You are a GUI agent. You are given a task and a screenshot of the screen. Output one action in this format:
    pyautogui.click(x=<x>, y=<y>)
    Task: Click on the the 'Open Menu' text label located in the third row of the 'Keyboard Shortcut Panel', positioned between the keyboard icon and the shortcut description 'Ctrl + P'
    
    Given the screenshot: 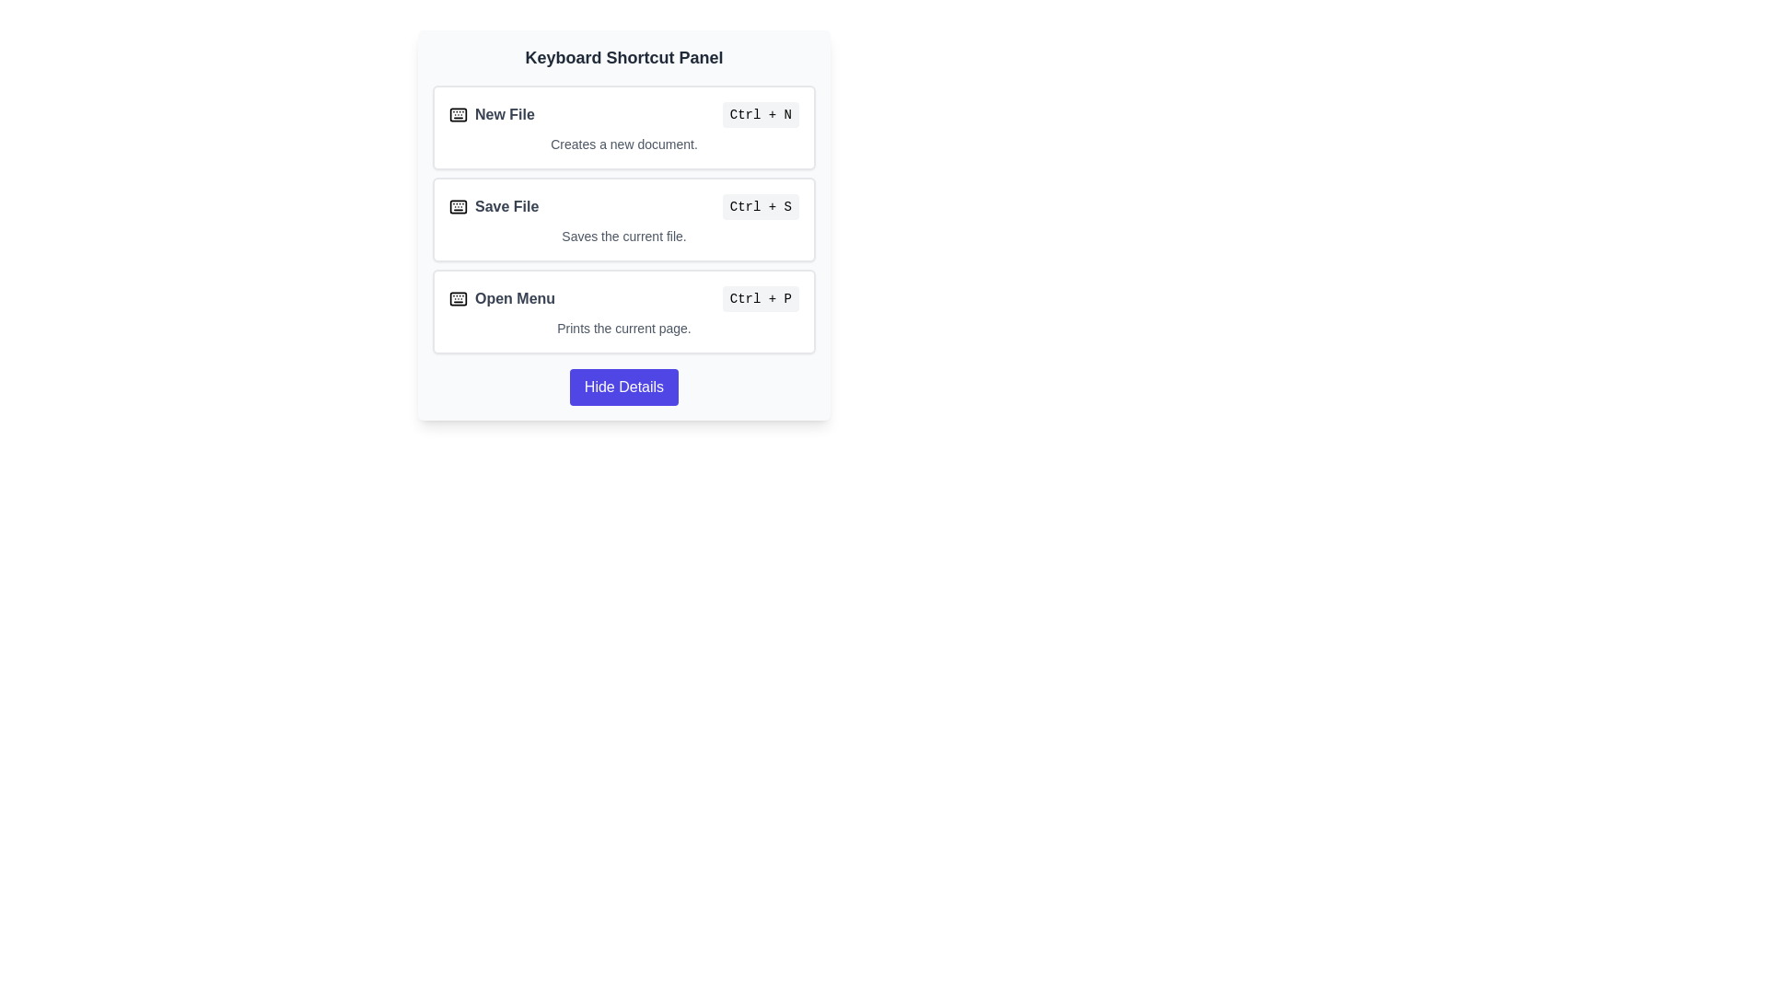 What is the action you would take?
    pyautogui.click(x=515, y=297)
    